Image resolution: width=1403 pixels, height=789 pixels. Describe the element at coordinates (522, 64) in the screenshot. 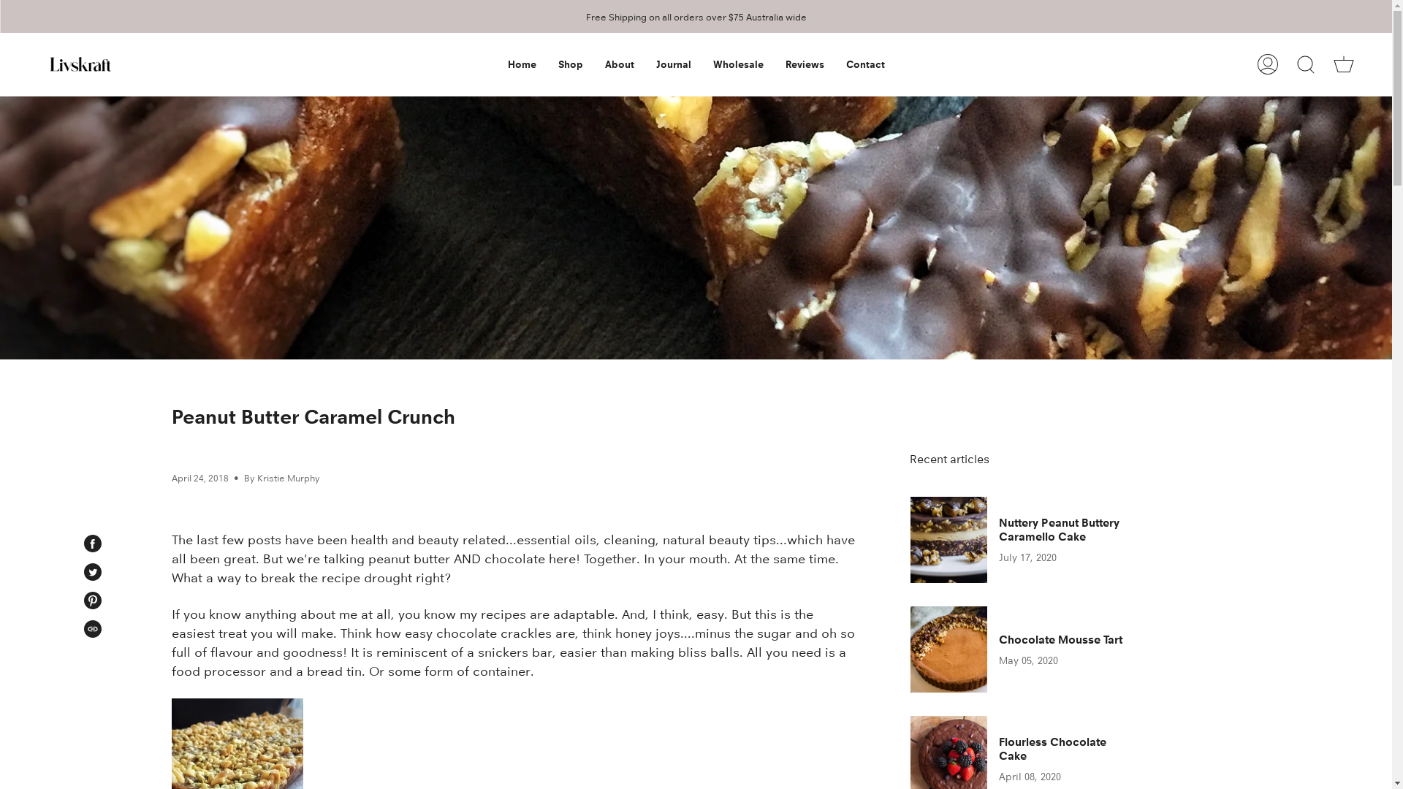

I see `'Home'` at that location.